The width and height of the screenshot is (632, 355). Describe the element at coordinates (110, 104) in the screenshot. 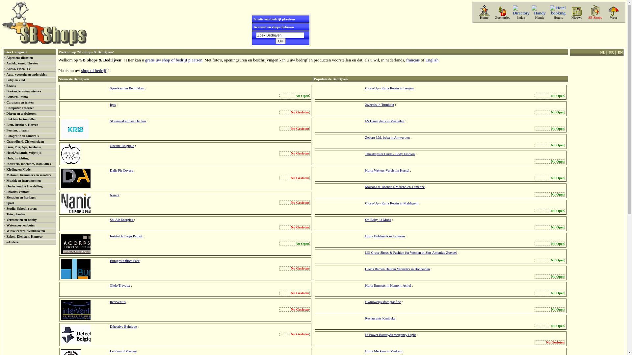

I see `'Igas'` at that location.